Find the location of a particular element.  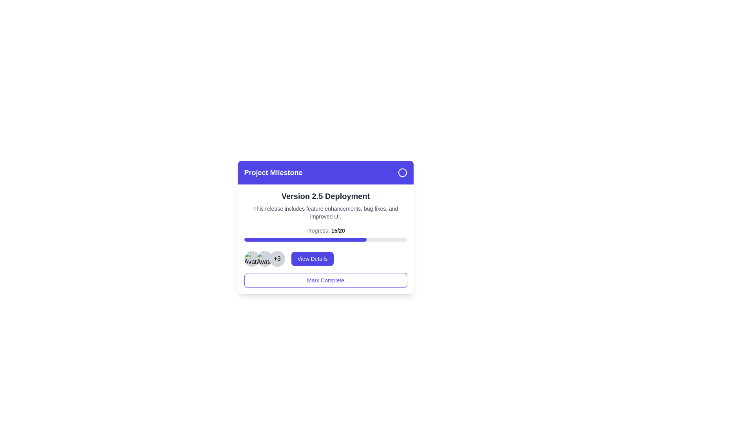

the button located to the right of the avatars section, below the progress bar, to trigger the hover state is located at coordinates (312, 258).